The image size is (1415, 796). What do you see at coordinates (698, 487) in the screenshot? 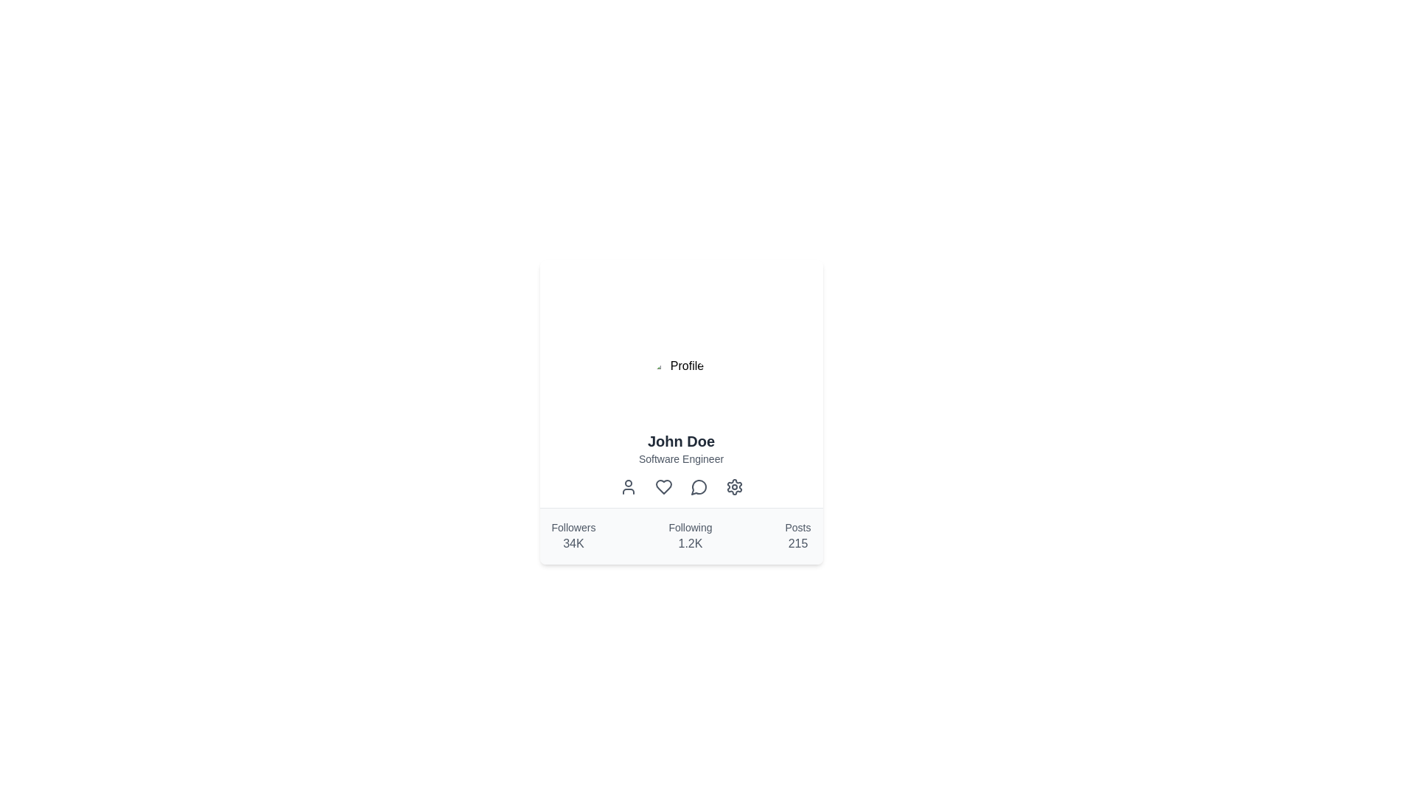
I see `the messaging or comment icon located third from the left at the bottom section of the interface` at bounding box center [698, 487].